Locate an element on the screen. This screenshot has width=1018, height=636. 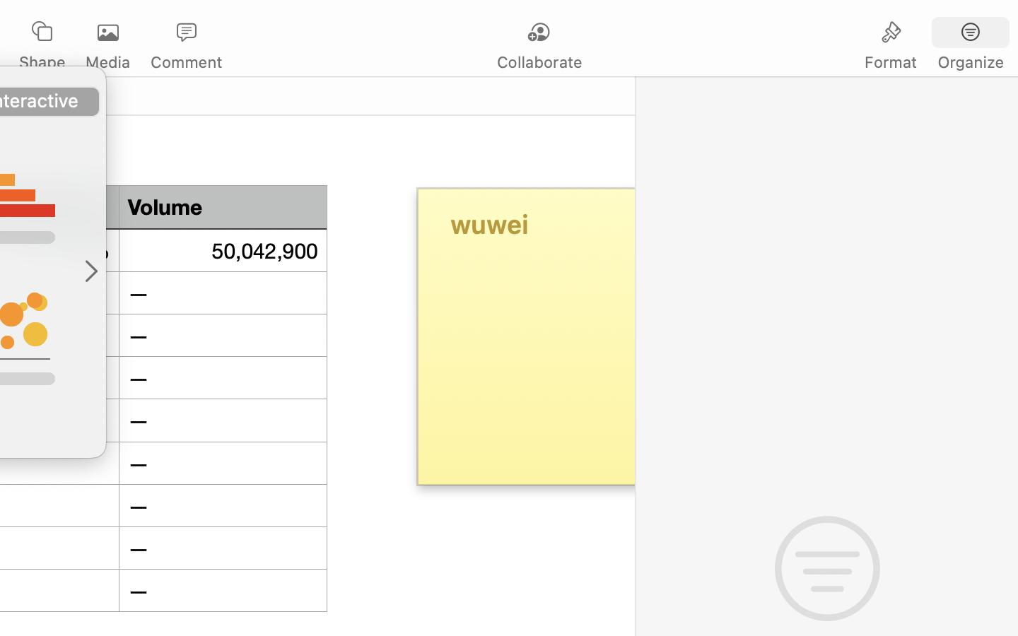
'Organize' is located at coordinates (969, 61).